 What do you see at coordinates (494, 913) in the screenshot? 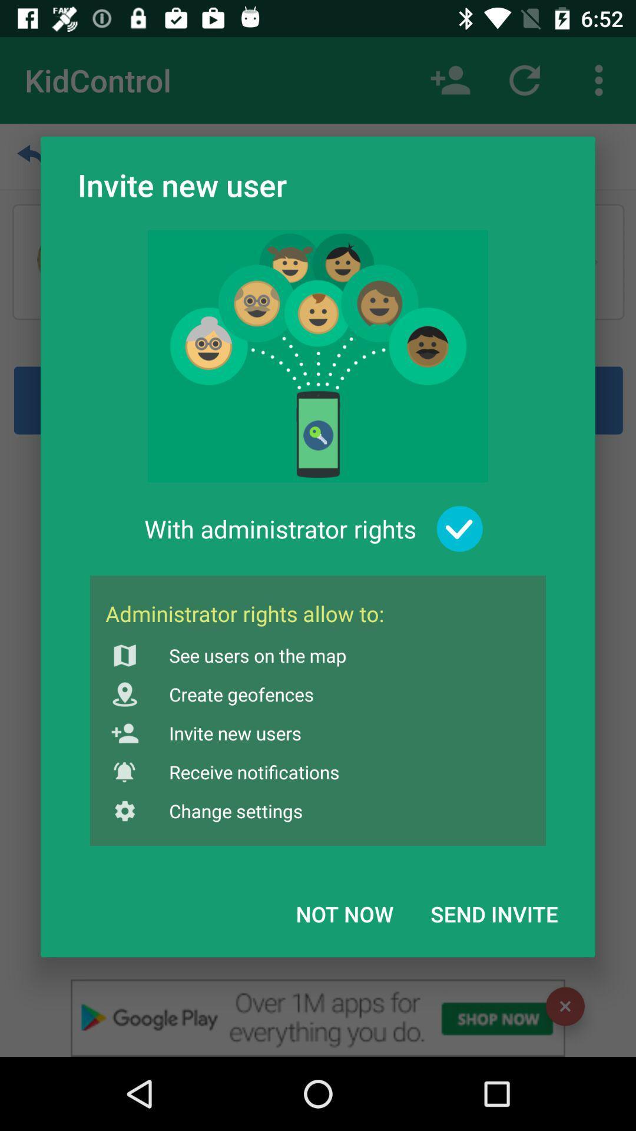
I see `send invite` at bounding box center [494, 913].